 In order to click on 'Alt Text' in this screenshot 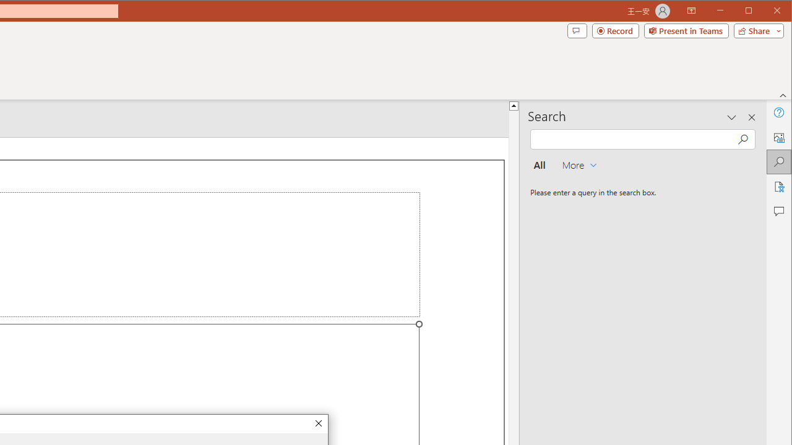, I will do `click(778, 137)`.